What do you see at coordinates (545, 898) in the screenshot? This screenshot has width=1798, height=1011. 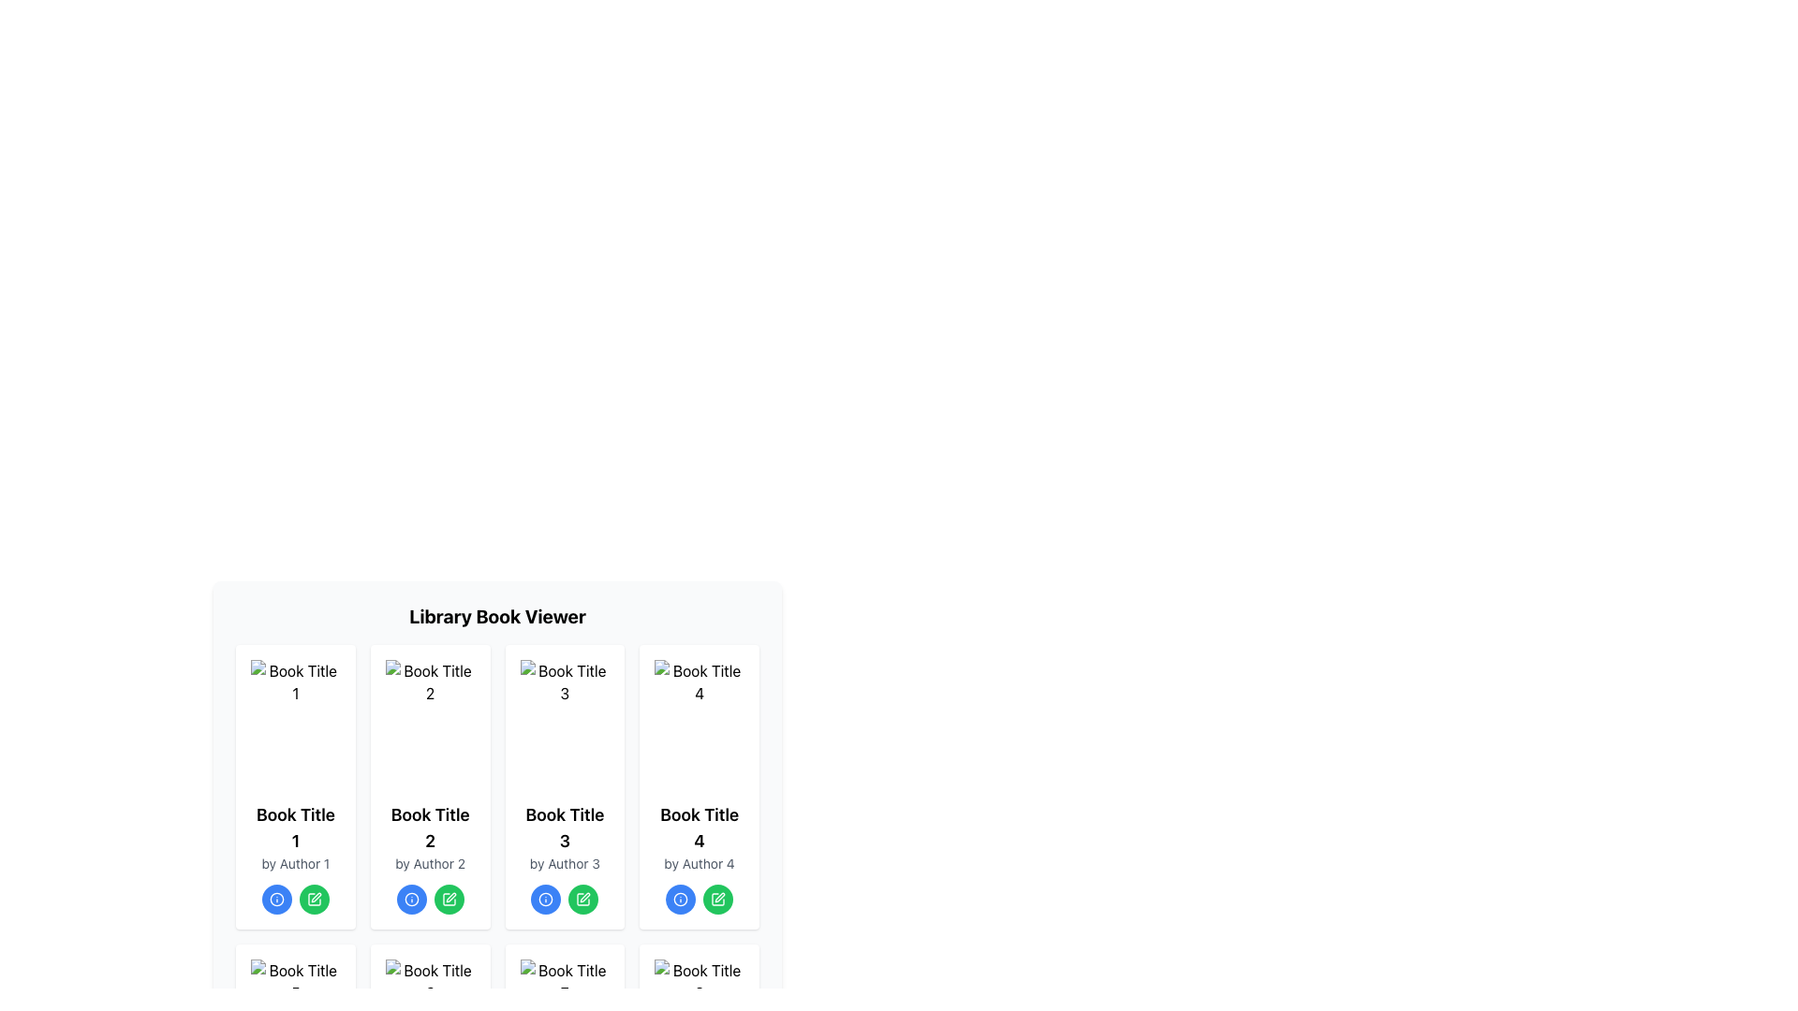 I see `the circular blue button with a white border and an informational icon located in the bottom left corner of the third card in the grid, beneath the 'Book Title 3' text` at bounding box center [545, 898].